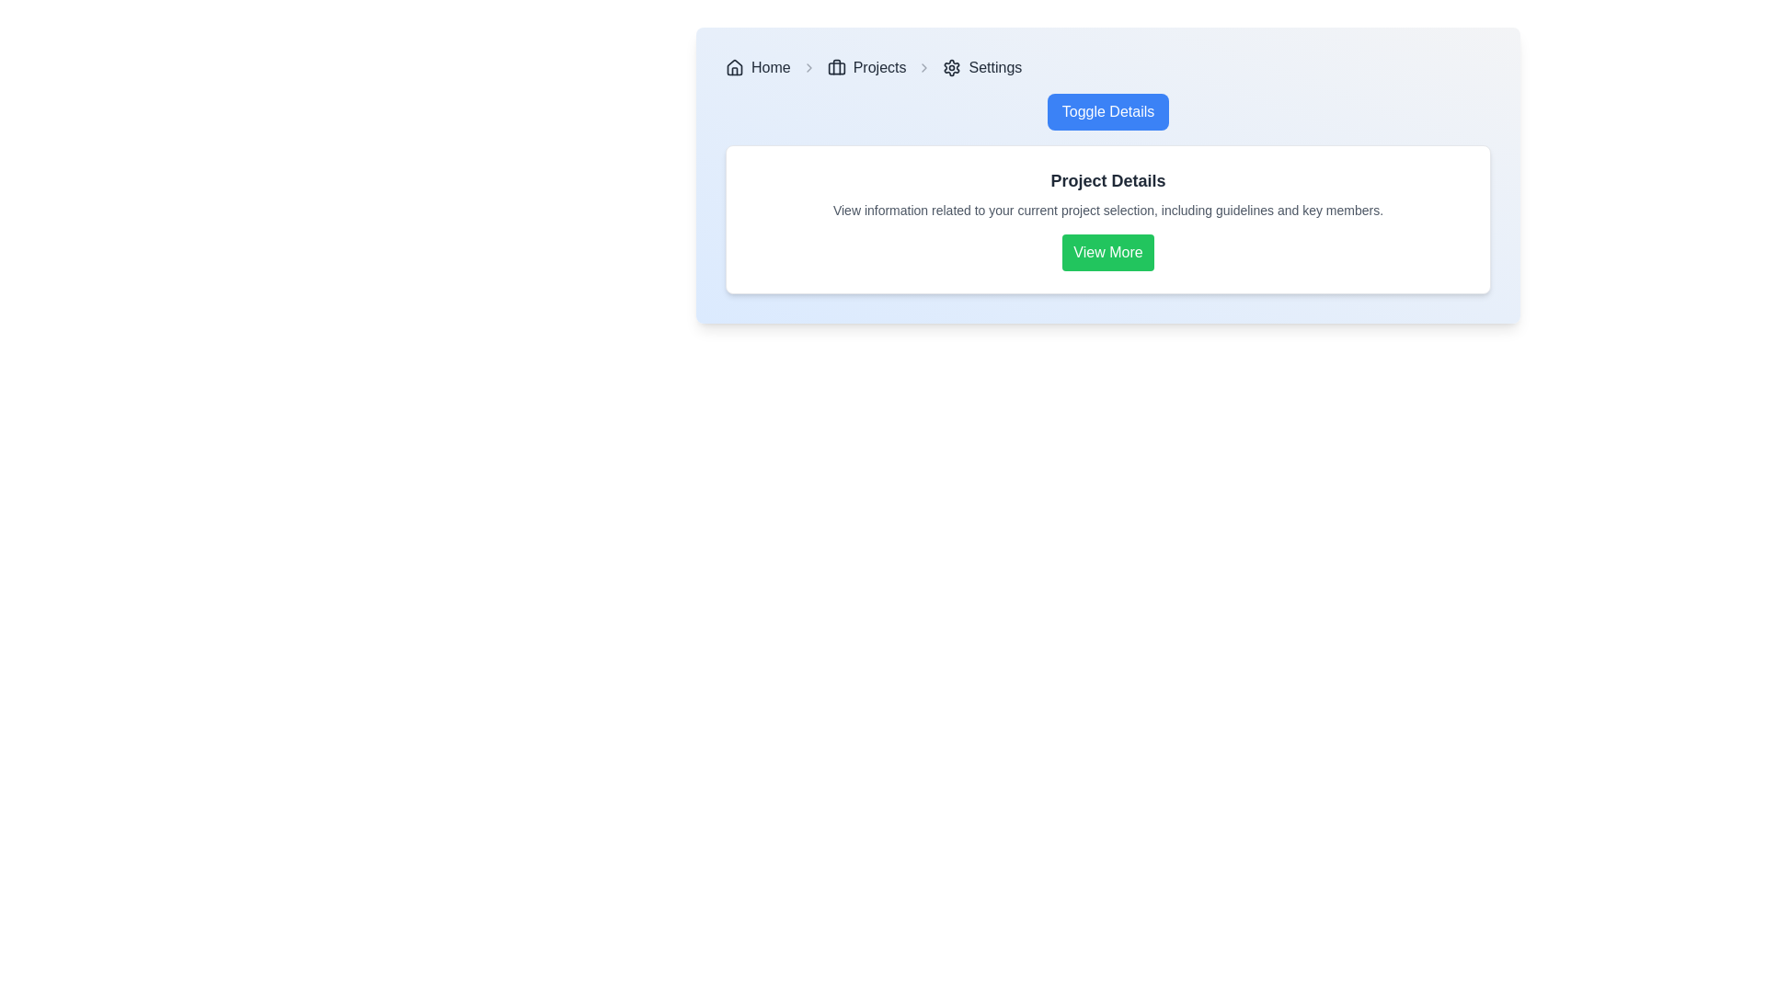 The width and height of the screenshot is (1766, 993). I want to click on the descriptive text label located under the 'Project Details' section, which is styled in small gray font and provides details about the current project selection, so click(1107, 209).